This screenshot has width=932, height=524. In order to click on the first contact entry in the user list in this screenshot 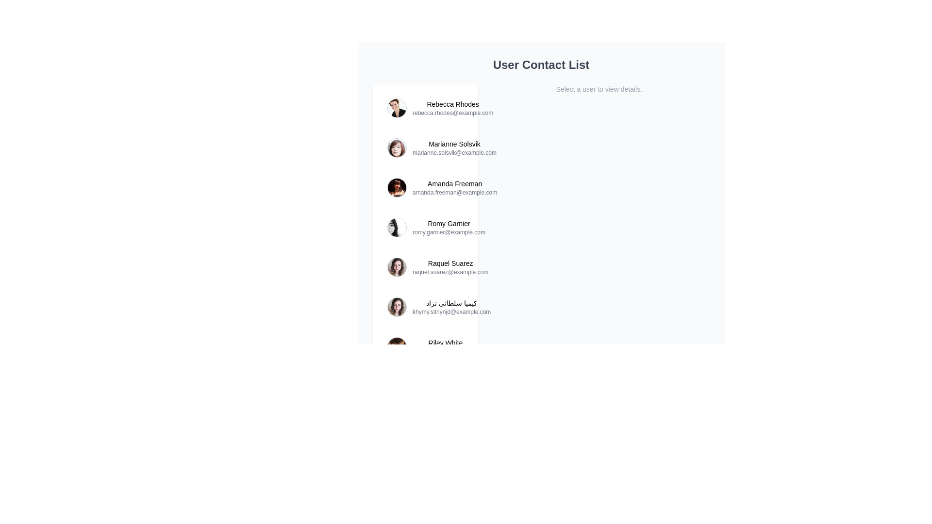, I will do `click(425, 108)`.